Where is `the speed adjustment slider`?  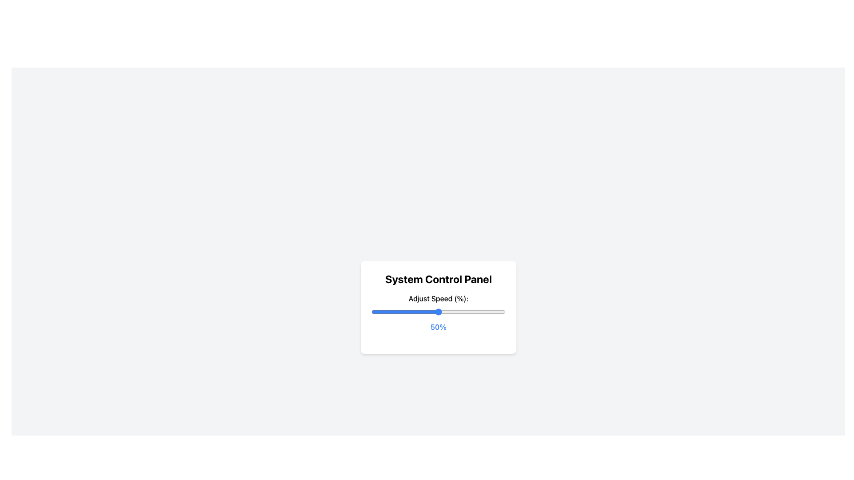
the speed adjustment slider is located at coordinates (410, 312).